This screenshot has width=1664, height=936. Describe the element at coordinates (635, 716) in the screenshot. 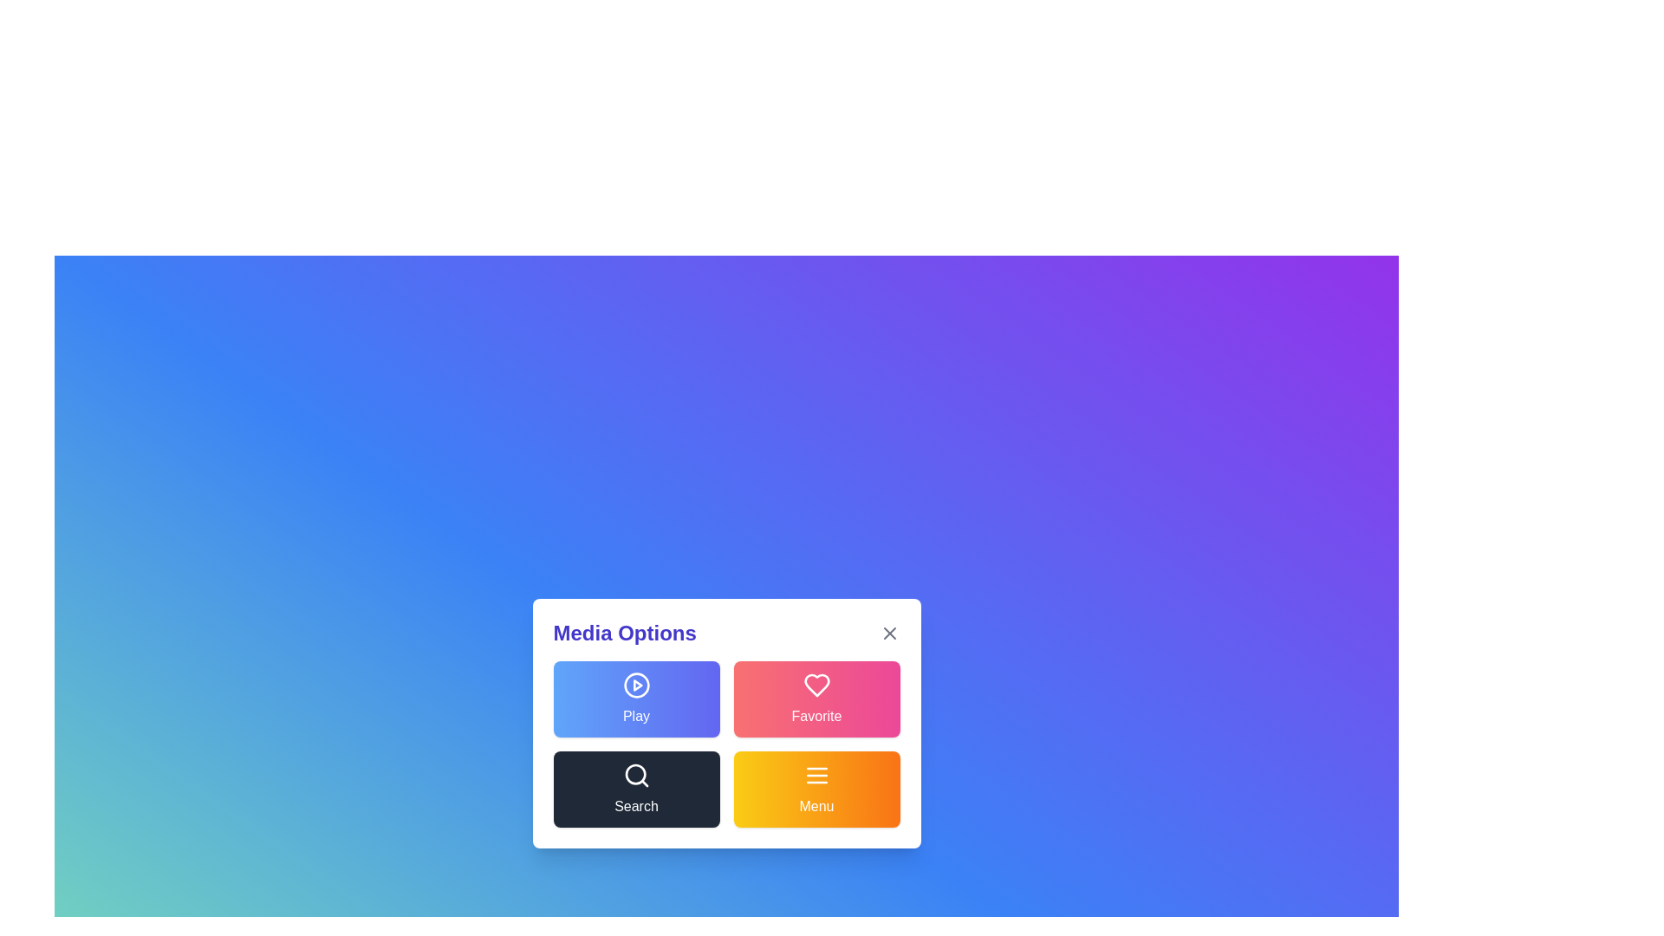

I see `the text label that describes the action of the play media button located in the top-left position of the Media Options menu` at that location.